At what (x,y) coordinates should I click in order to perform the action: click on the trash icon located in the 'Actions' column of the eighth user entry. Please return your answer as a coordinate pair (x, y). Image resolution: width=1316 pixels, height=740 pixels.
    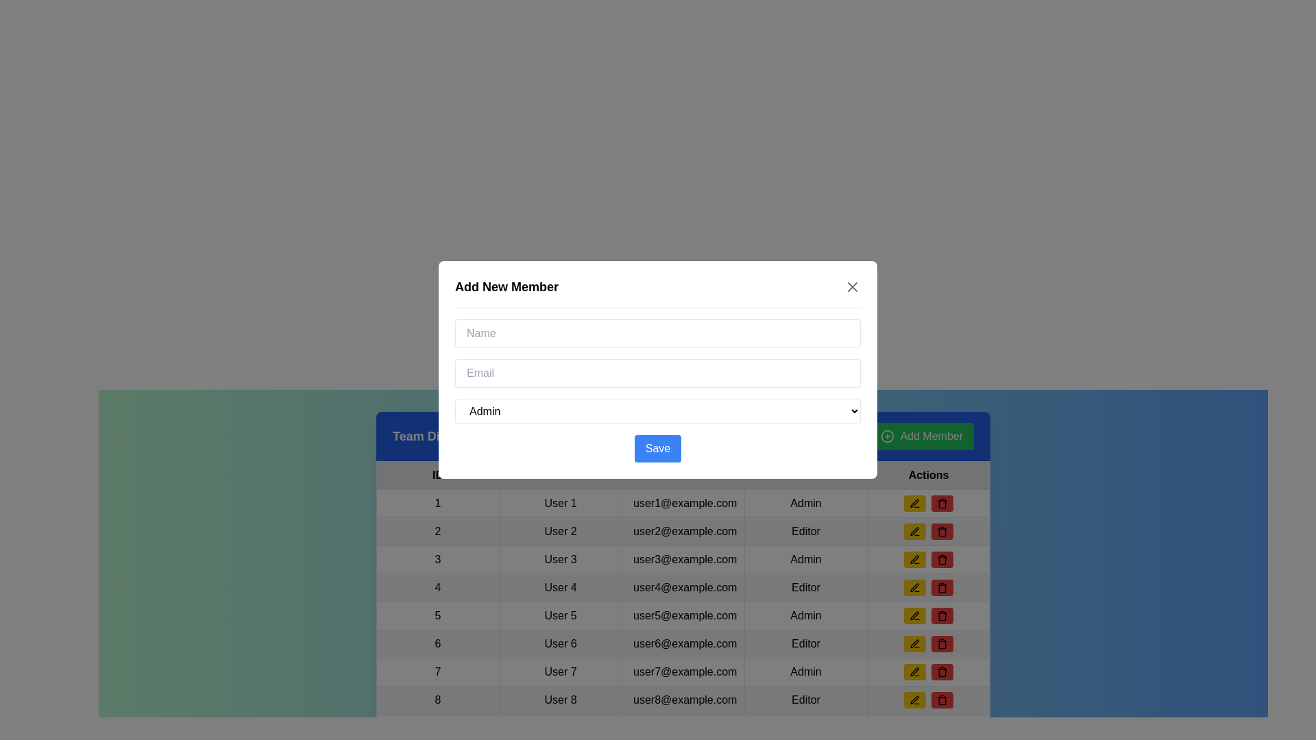
    Looking at the image, I should click on (941, 588).